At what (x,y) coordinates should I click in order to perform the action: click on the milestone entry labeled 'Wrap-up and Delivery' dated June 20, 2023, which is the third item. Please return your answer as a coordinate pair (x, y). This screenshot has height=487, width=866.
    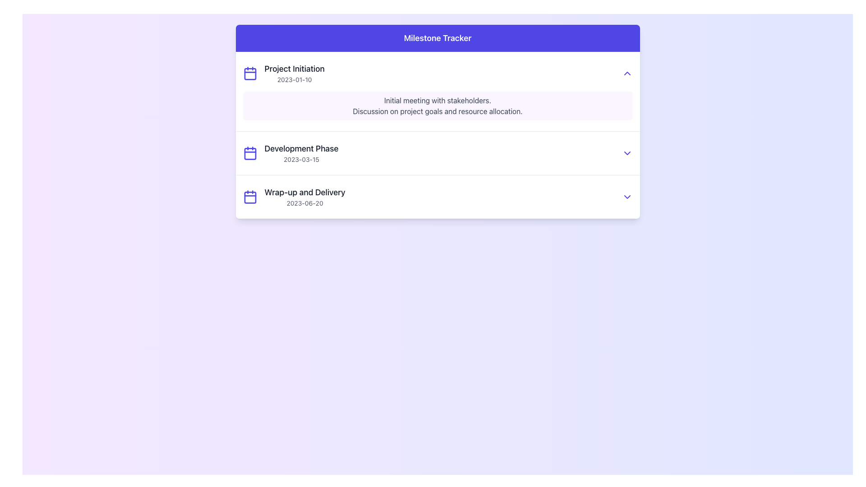
    Looking at the image, I should click on (438, 196).